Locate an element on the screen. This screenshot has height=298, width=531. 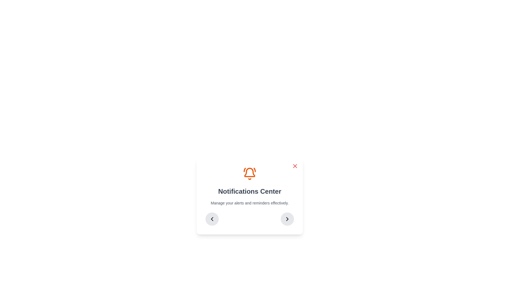
the rightmost stroke of the ringing bell within the orange bell icon in the 'Notifications Center' dialog box is located at coordinates (254, 170).